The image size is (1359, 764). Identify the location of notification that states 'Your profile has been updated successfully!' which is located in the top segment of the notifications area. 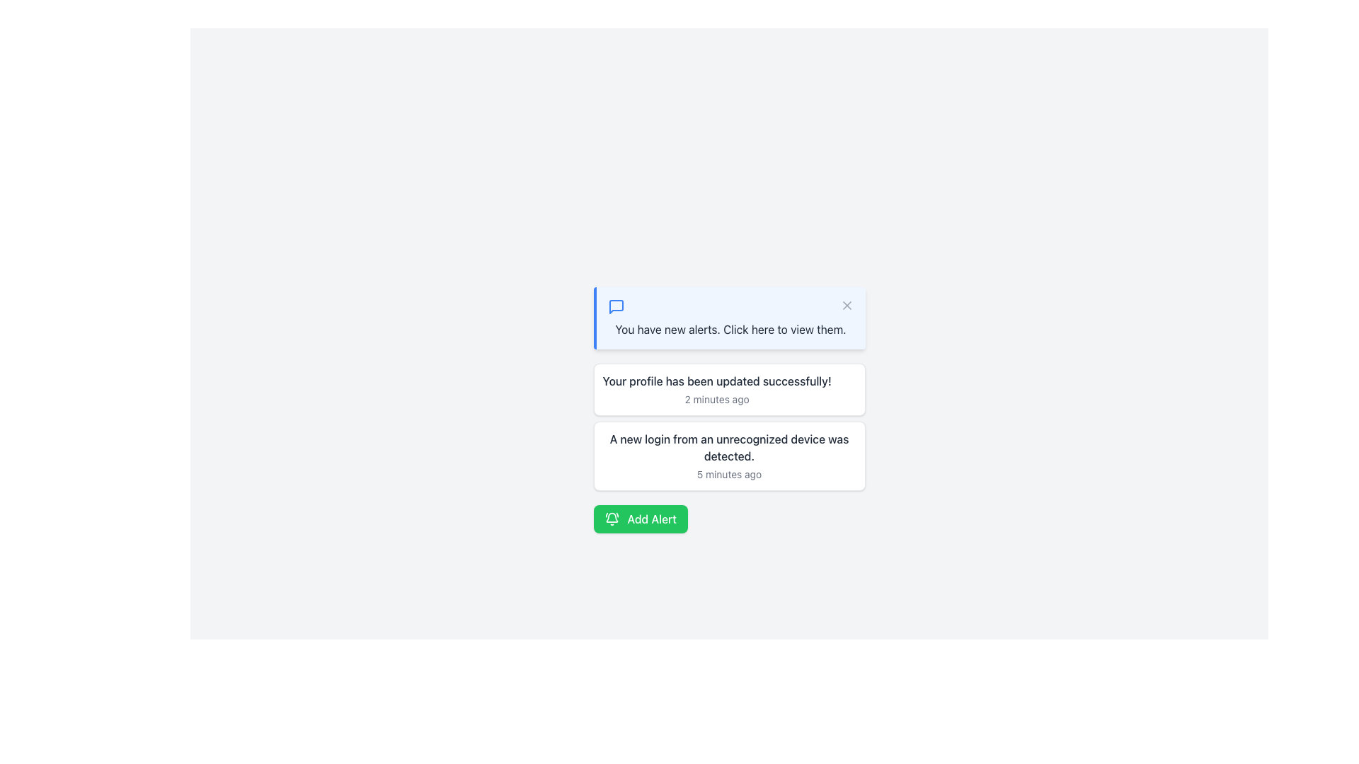
(717, 381).